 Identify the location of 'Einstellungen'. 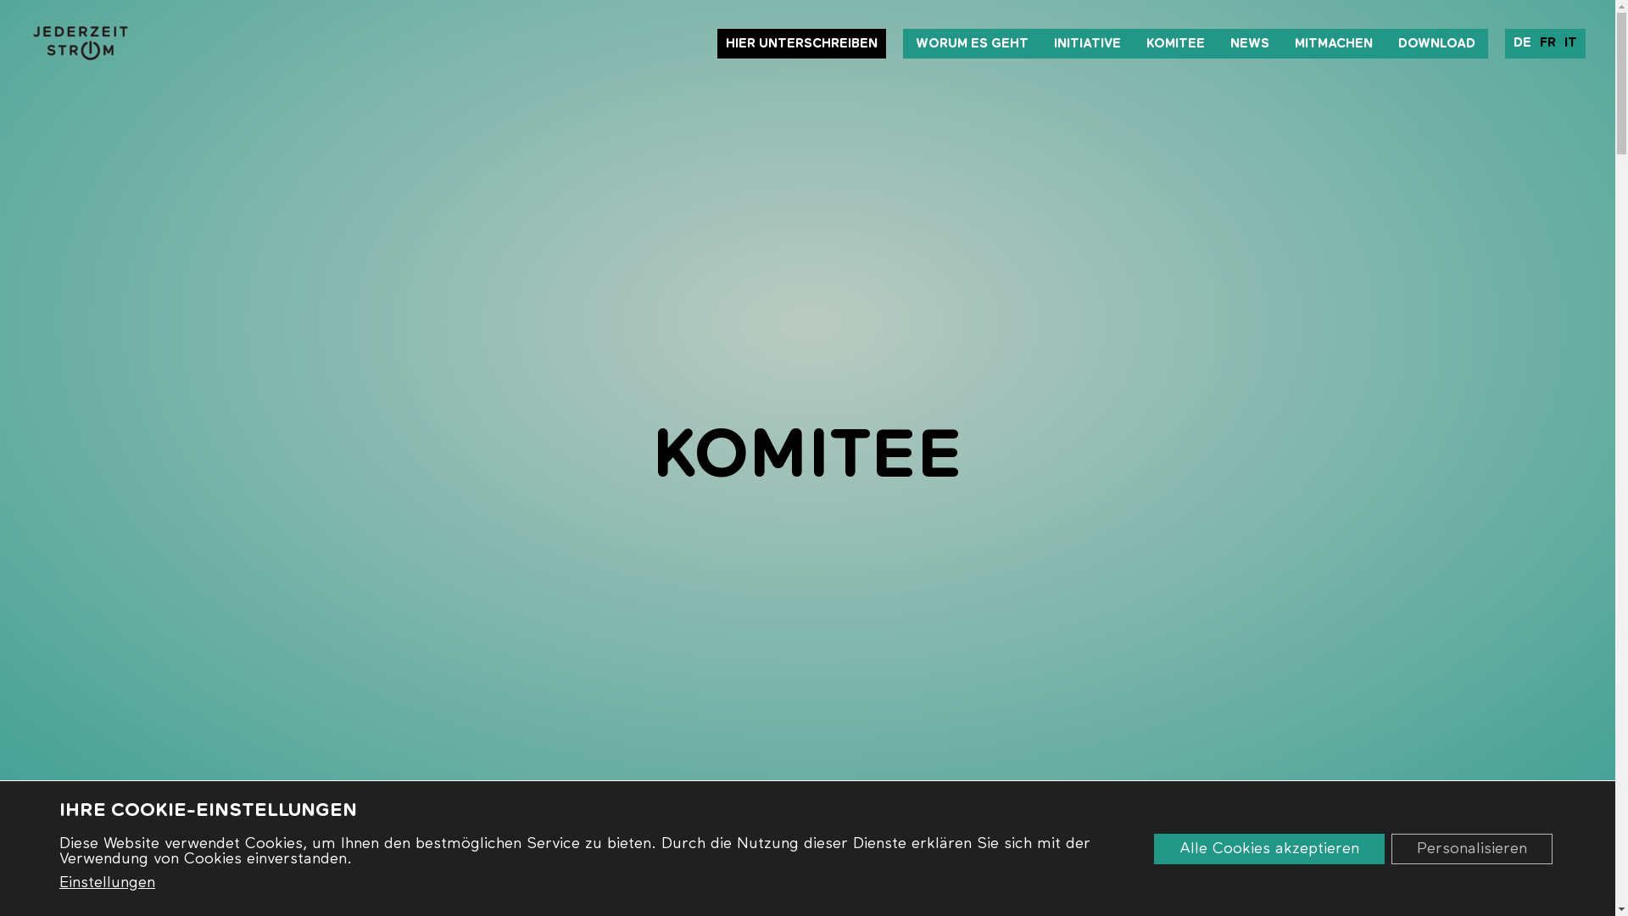
(106, 882).